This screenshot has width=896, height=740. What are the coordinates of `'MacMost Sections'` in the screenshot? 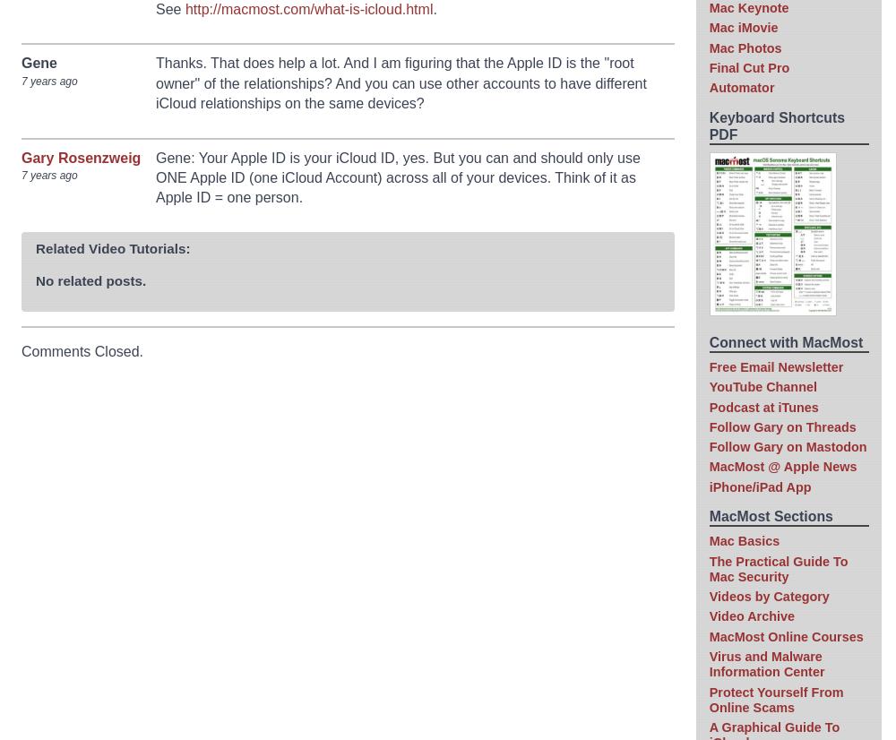 It's located at (770, 515).